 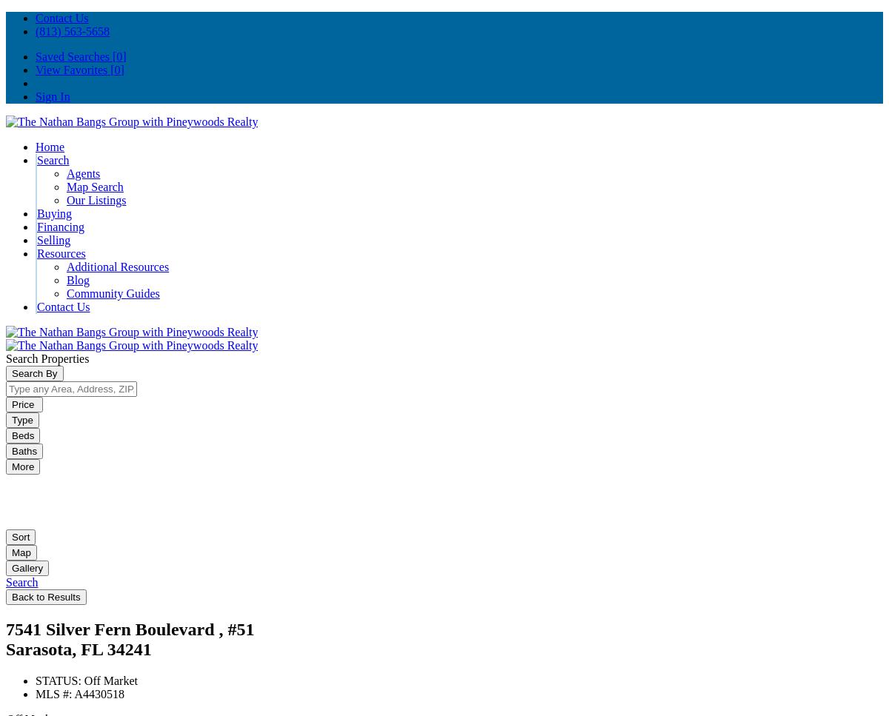 What do you see at coordinates (78, 280) in the screenshot?
I see `'Blog'` at bounding box center [78, 280].